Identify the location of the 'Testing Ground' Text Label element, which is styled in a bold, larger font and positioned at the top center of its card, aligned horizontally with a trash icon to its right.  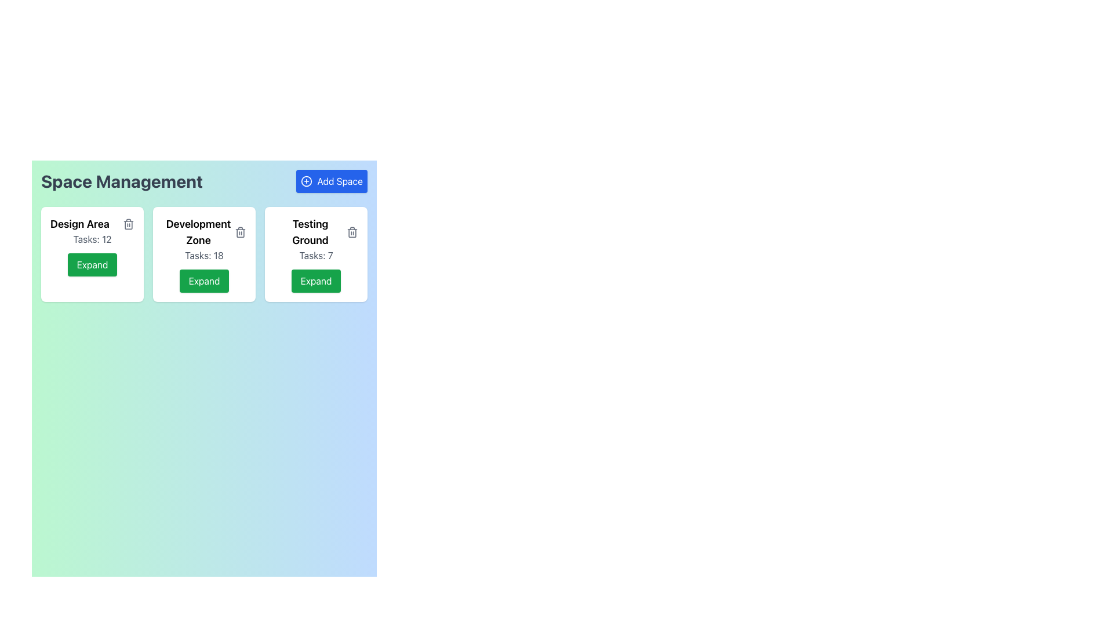
(316, 232).